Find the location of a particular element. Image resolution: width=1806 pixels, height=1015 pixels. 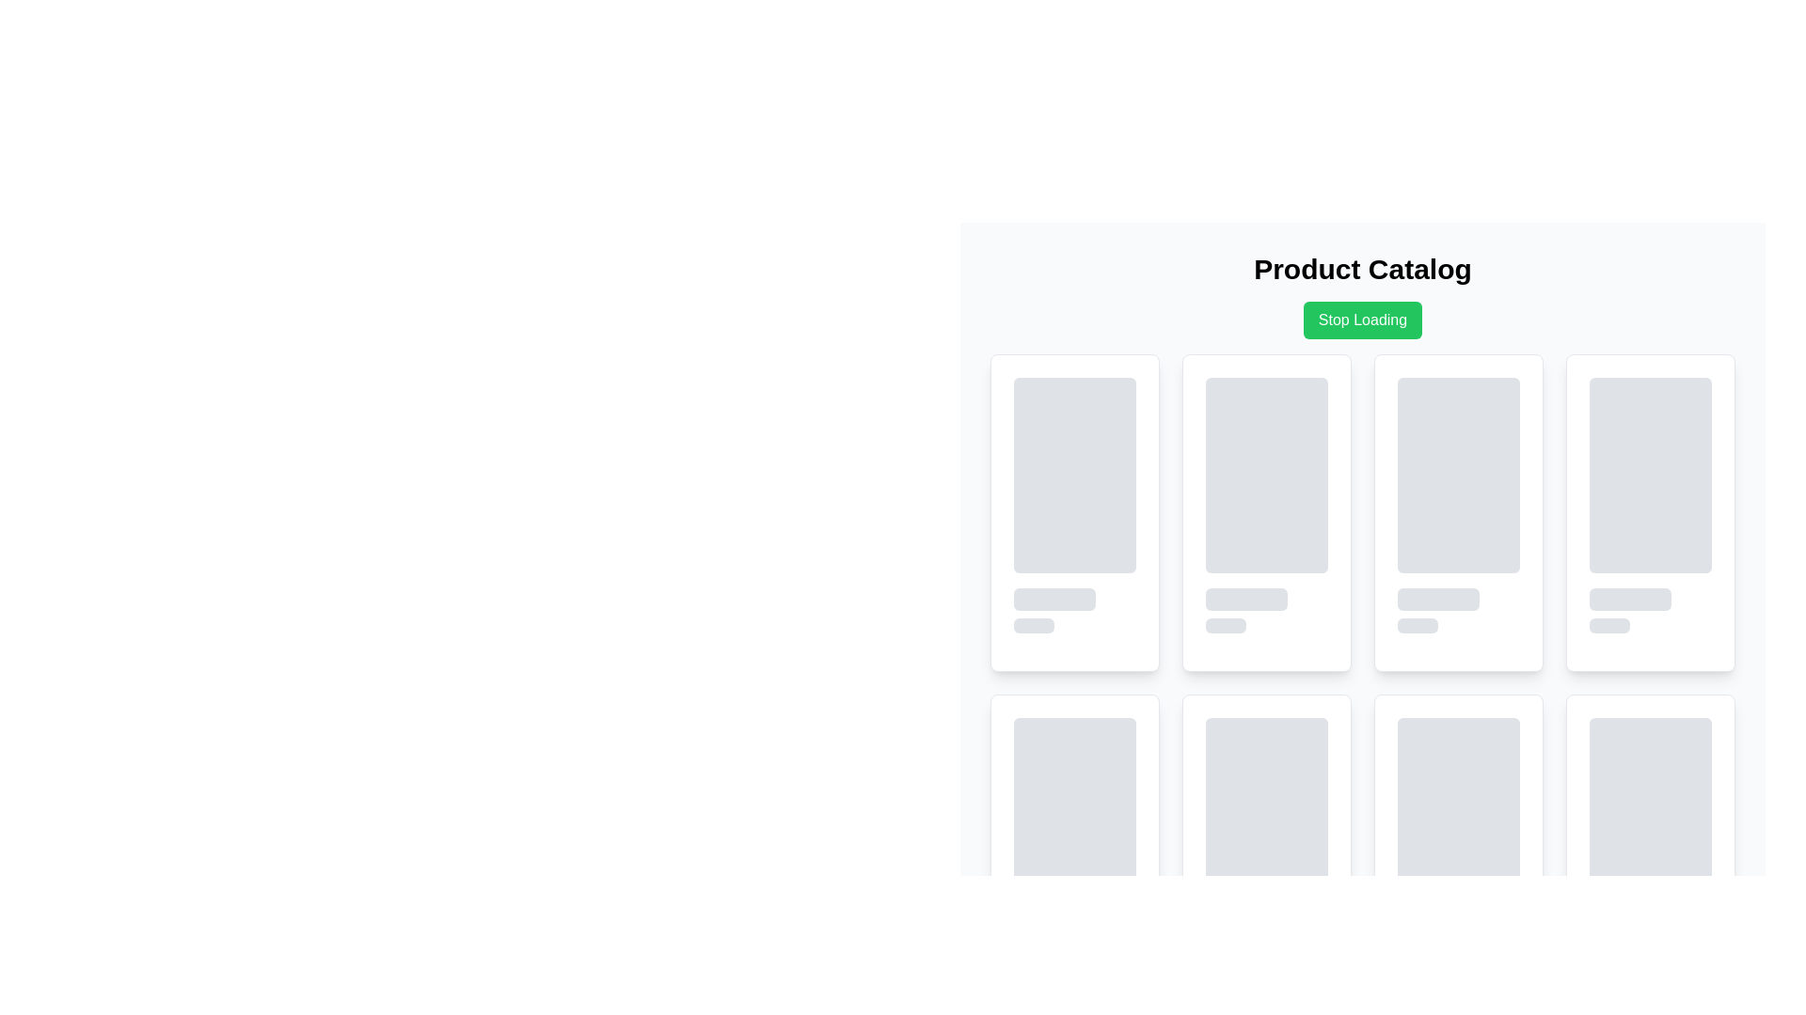

the Placeholder component within the first card in the first row of the grid layout, which is designed to represent content yet to be loaded is located at coordinates (1074, 504).